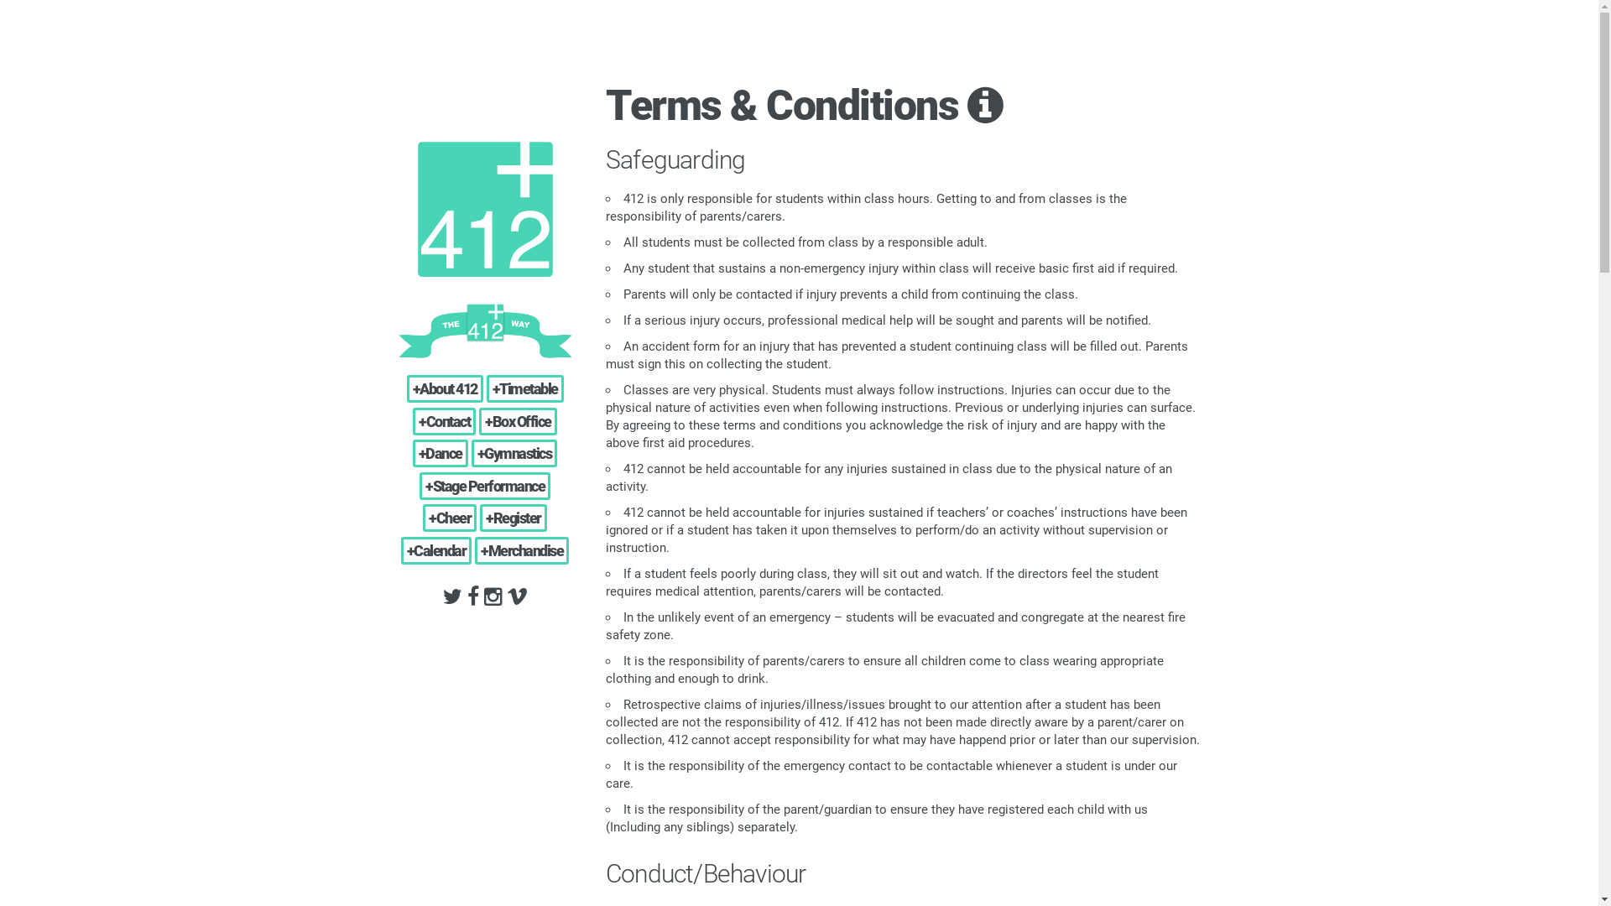  I want to click on 'What is THE412WAY?', so click(483, 332).